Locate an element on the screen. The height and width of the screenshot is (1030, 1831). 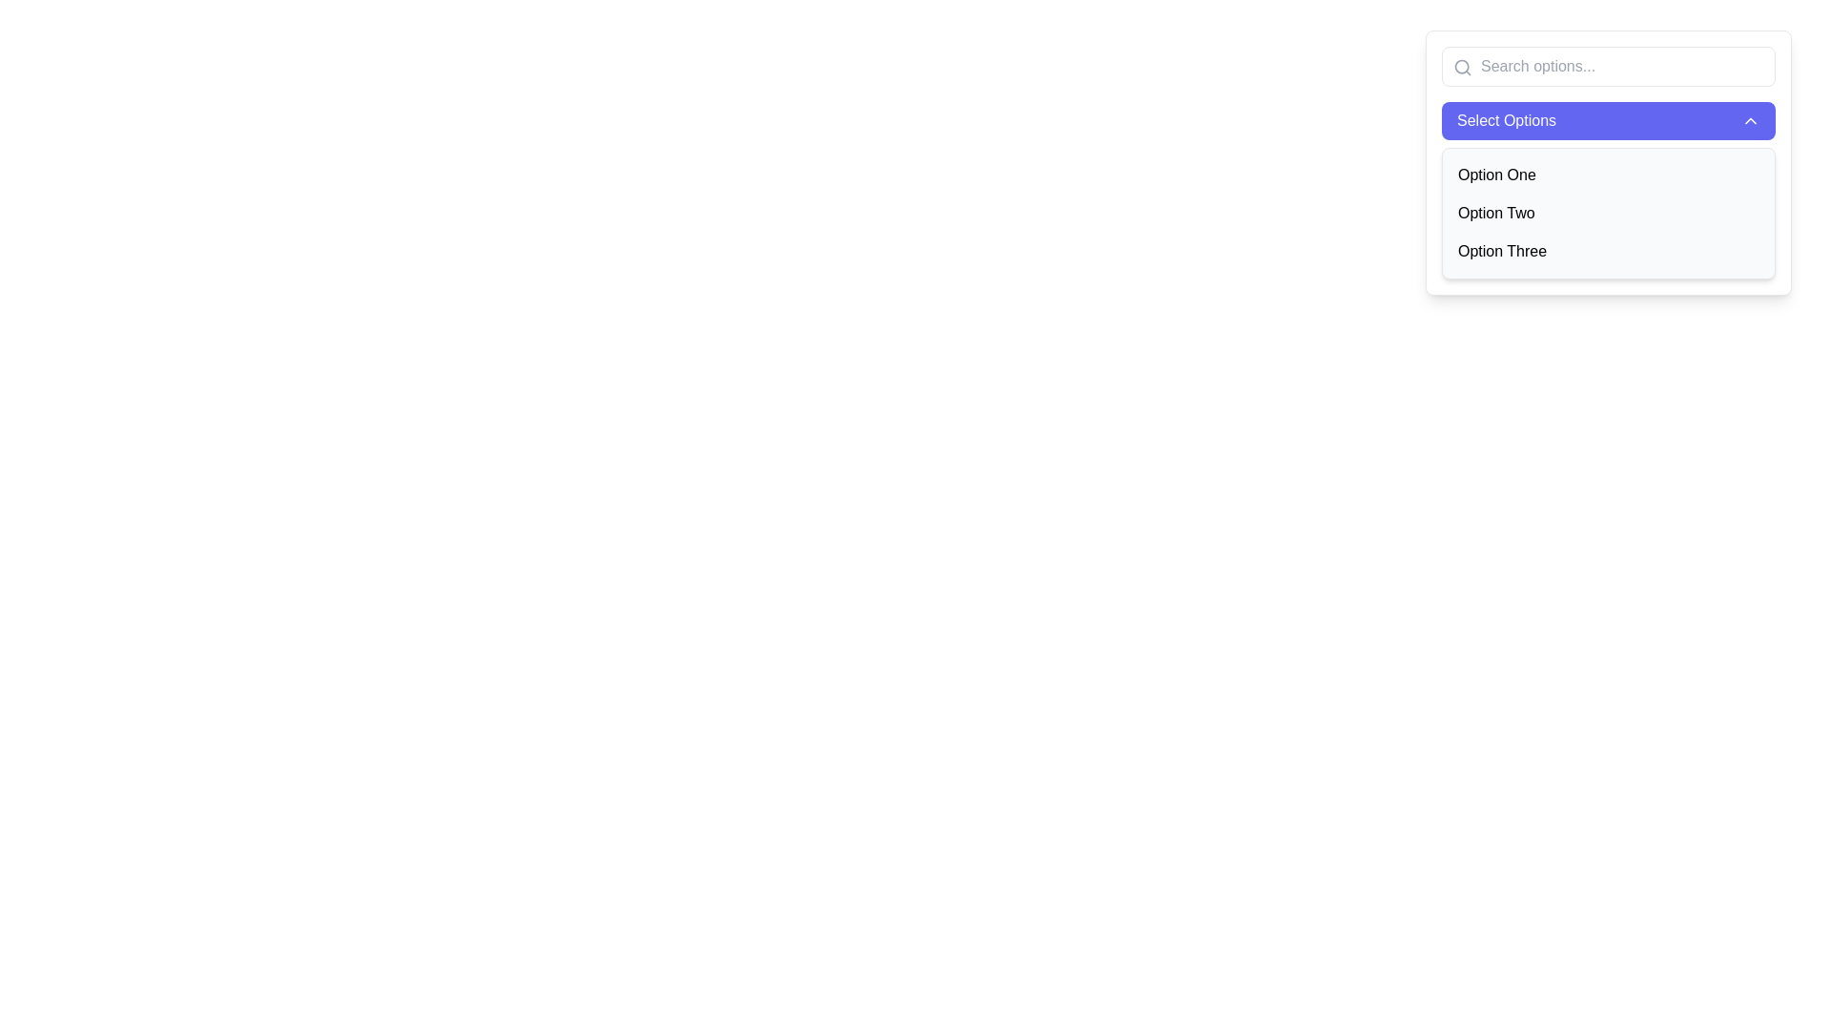
the third option labeled 'Option Three' in the dropdown menu under 'Select Options' is located at coordinates (1501, 250).